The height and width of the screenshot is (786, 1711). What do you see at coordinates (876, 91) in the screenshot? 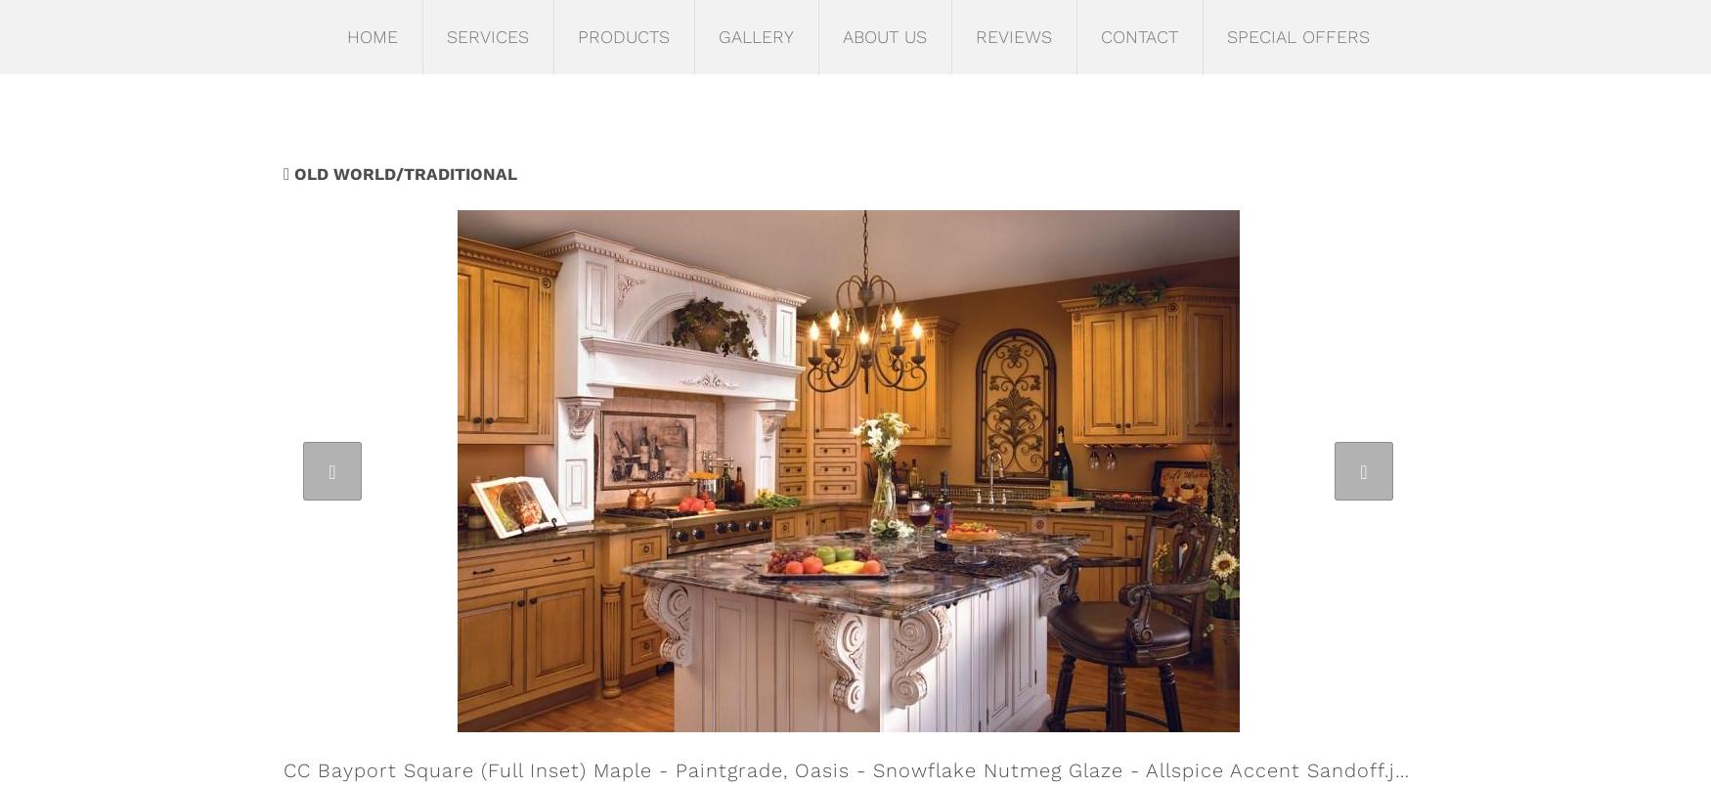
I see `'Our Story'` at bounding box center [876, 91].